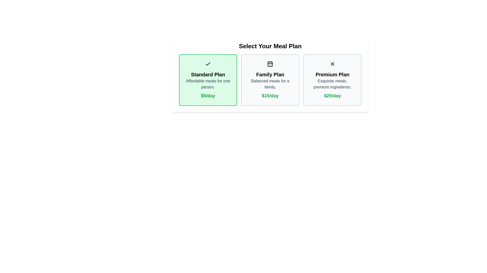  I want to click on pricing information displayed in the Text Label showing '$5/day' in a large and bold green font, located at the bottom of the 'Standard Plan' selection card, so click(208, 96).